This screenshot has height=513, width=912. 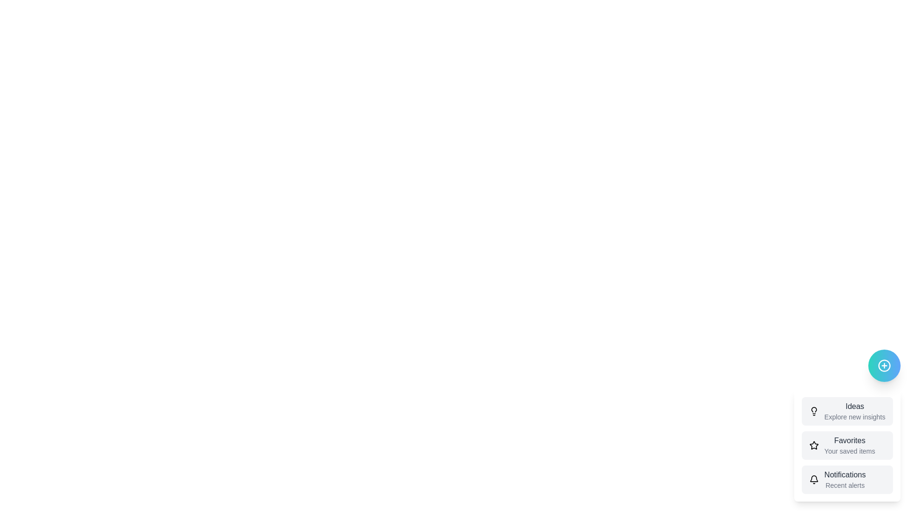 I want to click on the 'Favorites' label in the right-bottom floating menu, which indicates the saved items area and is positioned between the 'Ideas' and 'Notifications' sections, so click(x=850, y=441).